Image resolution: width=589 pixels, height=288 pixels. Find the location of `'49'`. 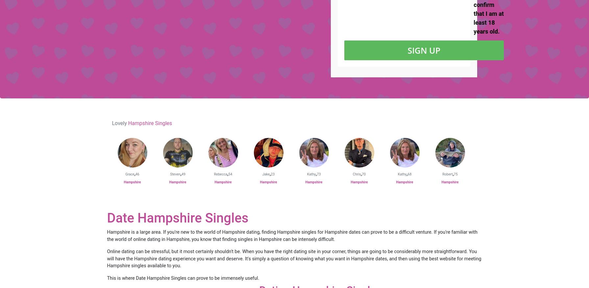

'49' is located at coordinates (181, 174).